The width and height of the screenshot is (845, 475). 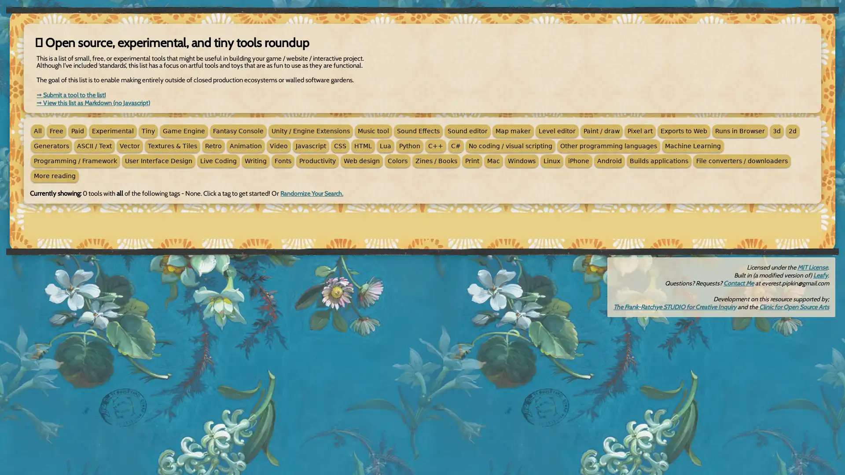 What do you see at coordinates (608, 145) in the screenshot?
I see `Other programming languages` at bounding box center [608, 145].